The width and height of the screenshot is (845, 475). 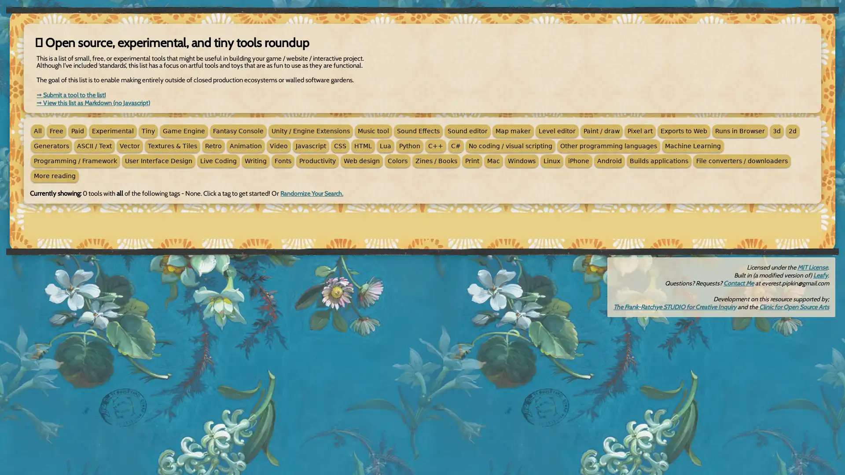 What do you see at coordinates (608, 145) in the screenshot?
I see `Other programming languages` at bounding box center [608, 145].